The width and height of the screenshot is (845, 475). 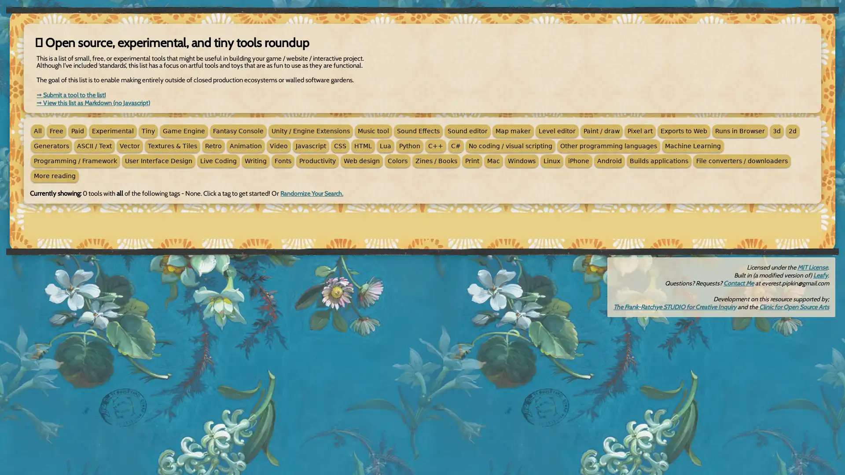 What do you see at coordinates (608, 145) in the screenshot?
I see `Other programming languages` at bounding box center [608, 145].